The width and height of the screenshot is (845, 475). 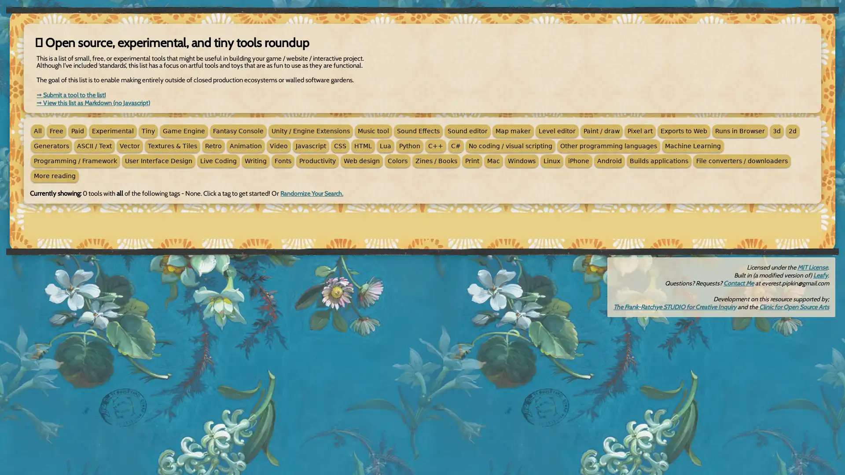 What do you see at coordinates (608, 145) in the screenshot?
I see `Other programming languages` at bounding box center [608, 145].